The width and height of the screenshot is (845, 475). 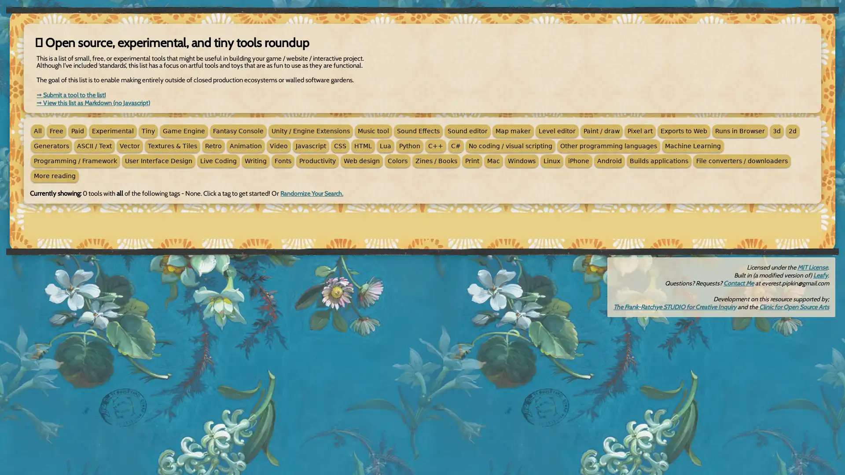 What do you see at coordinates (608, 145) in the screenshot?
I see `Other programming languages` at bounding box center [608, 145].